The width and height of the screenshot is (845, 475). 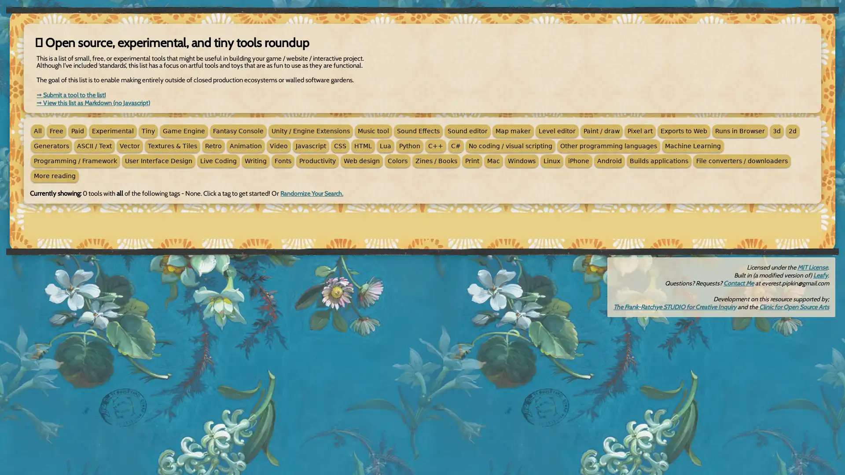 What do you see at coordinates (608, 145) in the screenshot?
I see `Other programming languages` at bounding box center [608, 145].